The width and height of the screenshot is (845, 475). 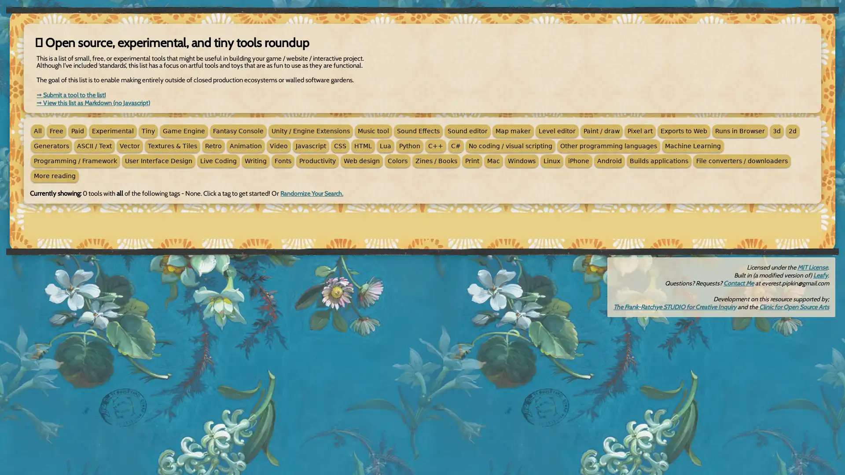 What do you see at coordinates (608, 145) in the screenshot?
I see `Other programming languages` at bounding box center [608, 145].